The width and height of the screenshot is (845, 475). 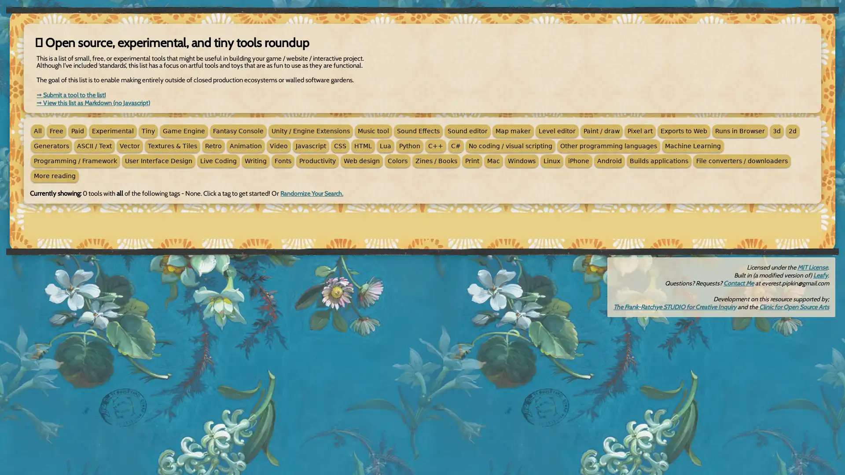 What do you see at coordinates (608, 145) in the screenshot?
I see `Other programming languages` at bounding box center [608, 145].